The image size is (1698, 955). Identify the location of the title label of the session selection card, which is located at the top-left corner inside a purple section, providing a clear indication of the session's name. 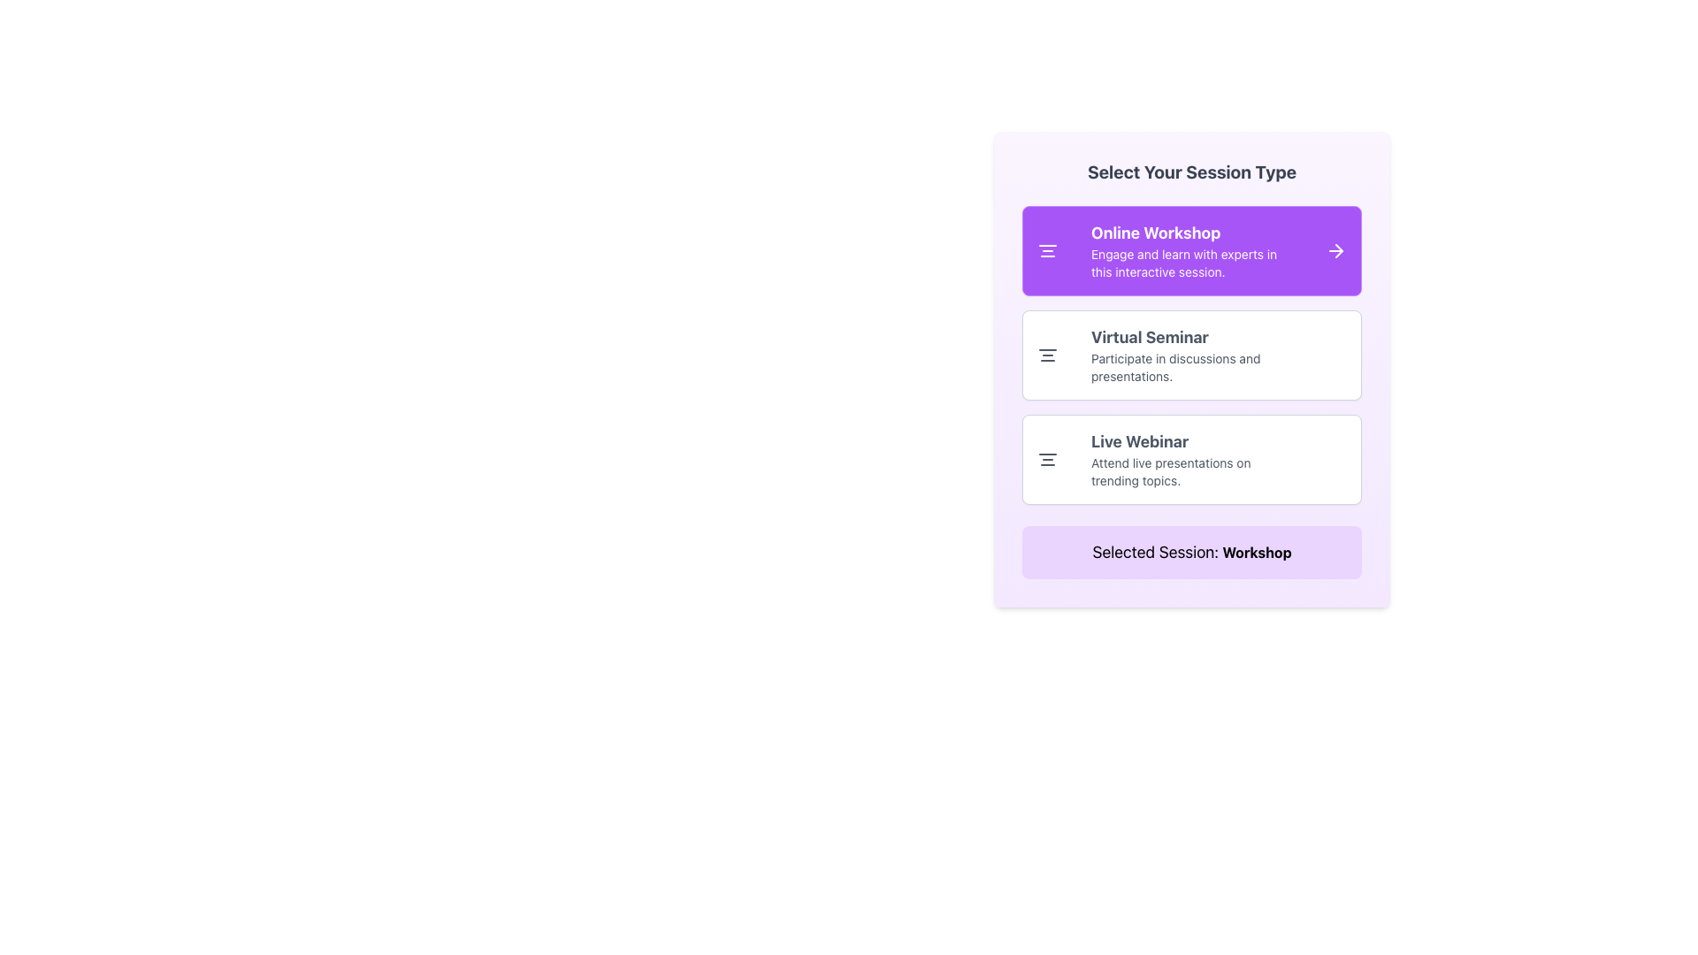
(1192, 232).